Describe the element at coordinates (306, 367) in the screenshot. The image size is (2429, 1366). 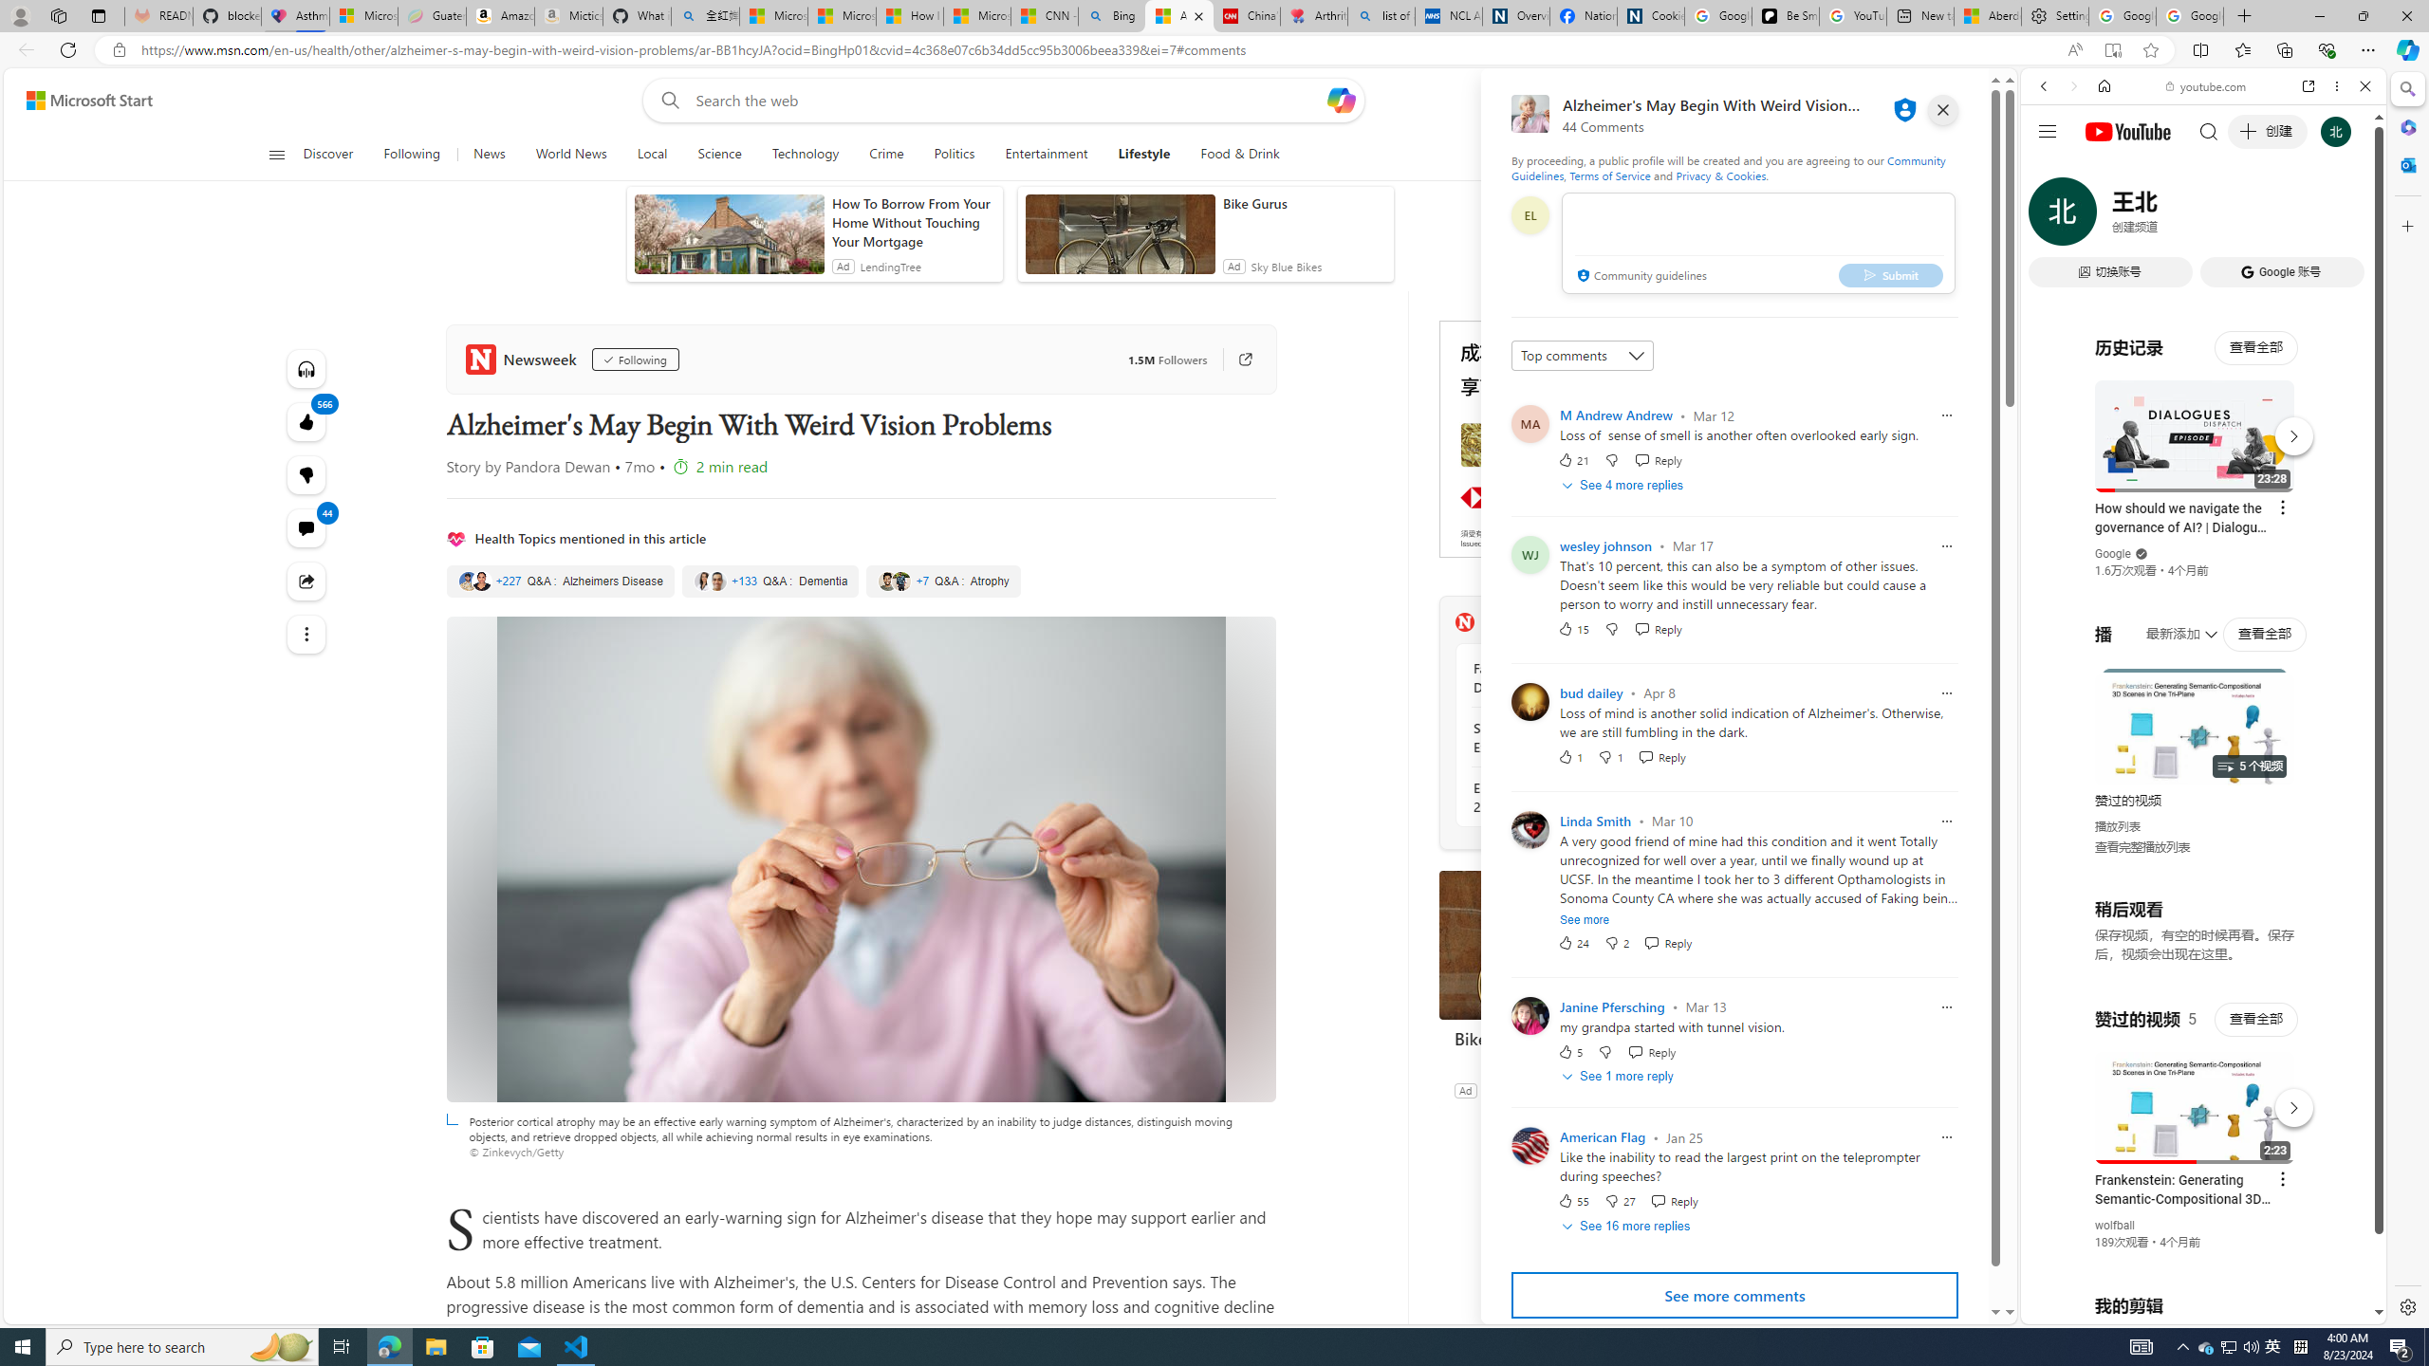
I see `'Listen to this article'` at that location.